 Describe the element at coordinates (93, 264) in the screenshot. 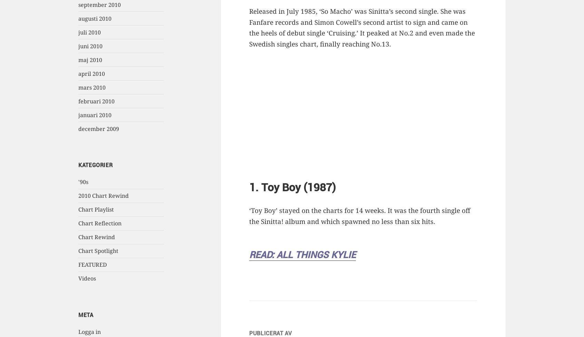

I see `'FEATURED'` at that location.